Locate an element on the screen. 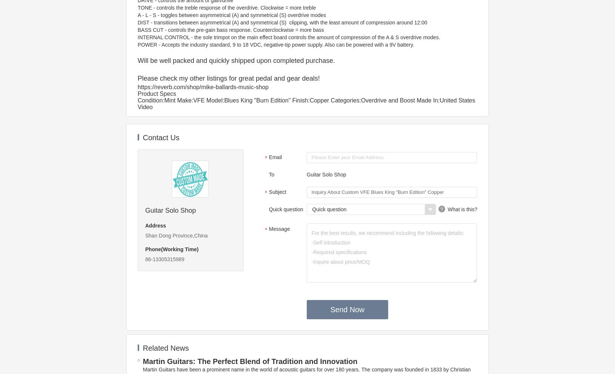 This screenshot has width=615, height=374. 'Product Specs' is located at coordinates (157, 94).